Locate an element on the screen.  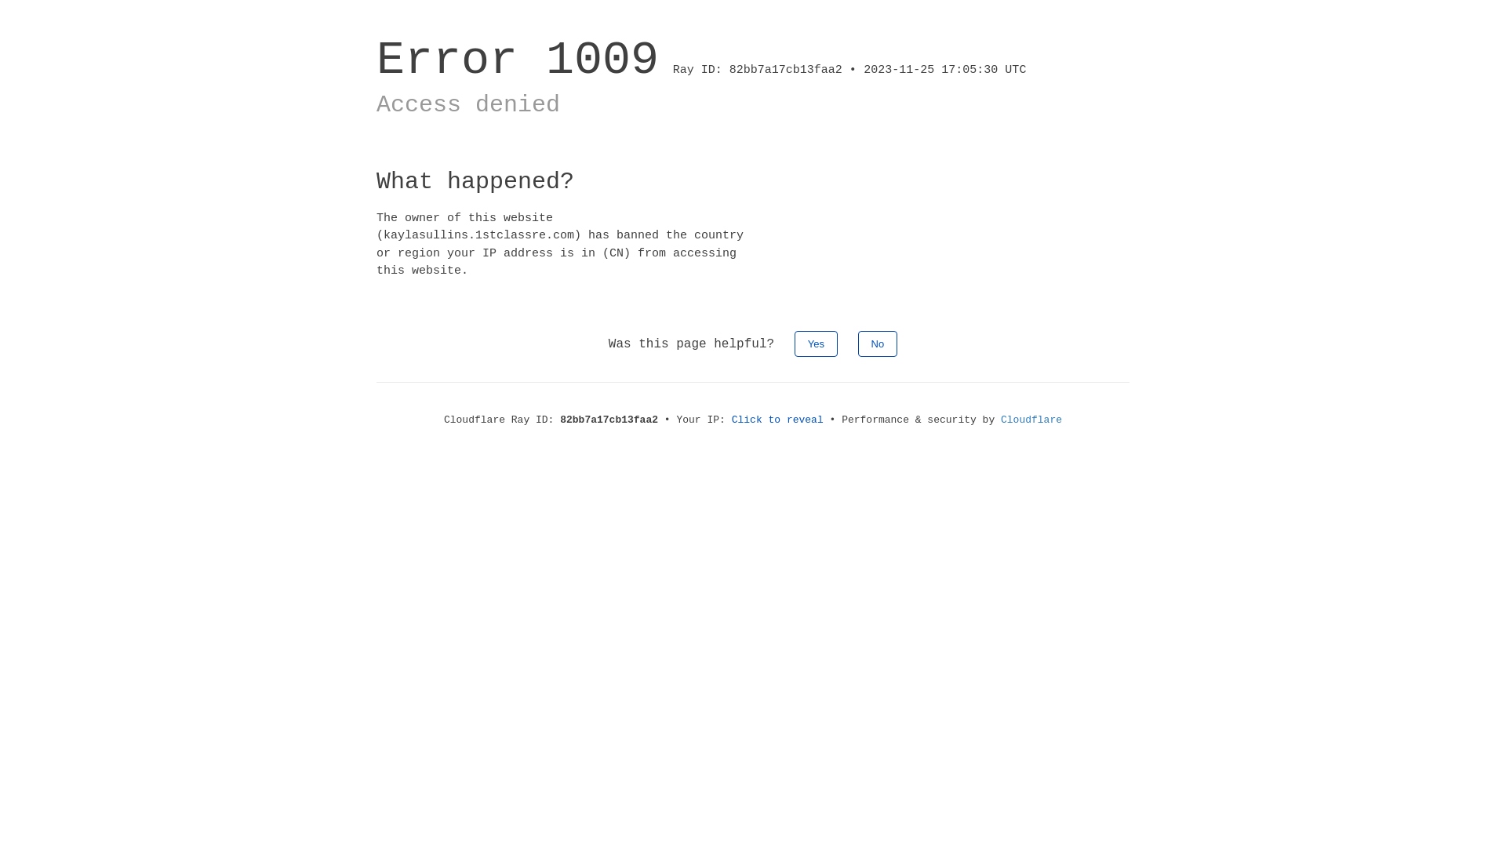
'No' is located at coordinates (877, 343).